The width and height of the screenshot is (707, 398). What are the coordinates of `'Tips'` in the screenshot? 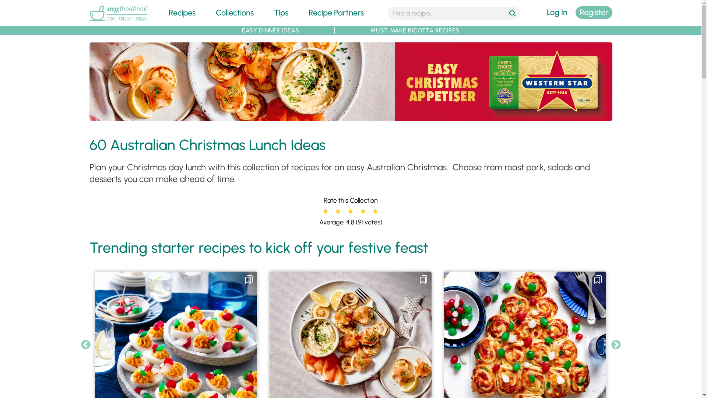 It's located at (281, 13).